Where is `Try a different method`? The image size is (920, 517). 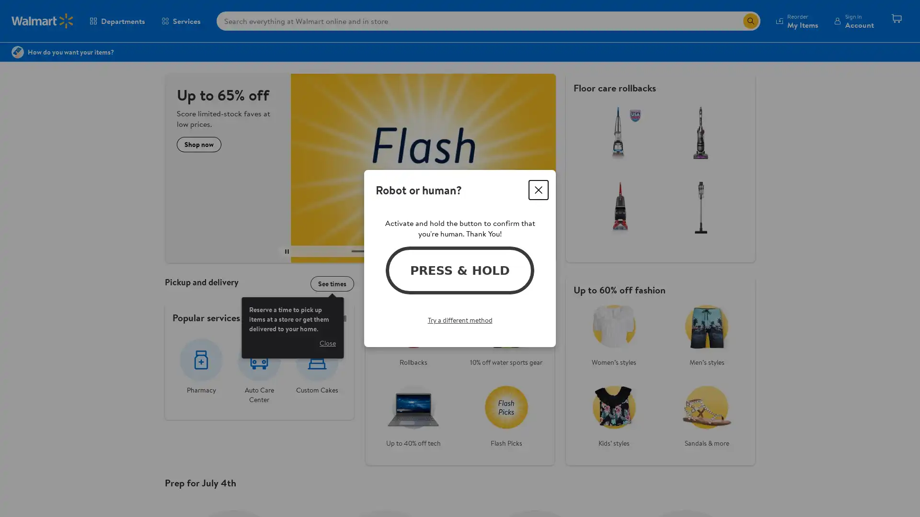
Try a different method is located at coordinates (459, 320).